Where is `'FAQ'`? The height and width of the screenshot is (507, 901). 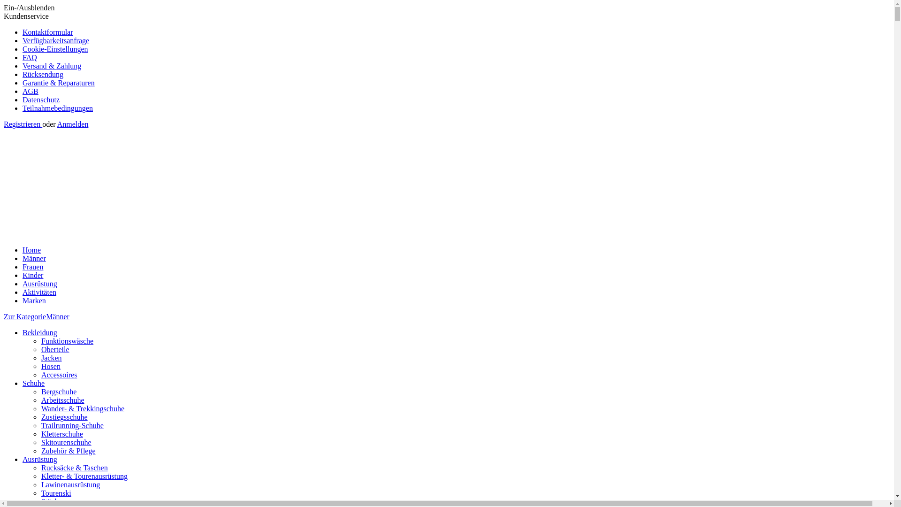
'FAQ' is located at coordinates (30, 57).